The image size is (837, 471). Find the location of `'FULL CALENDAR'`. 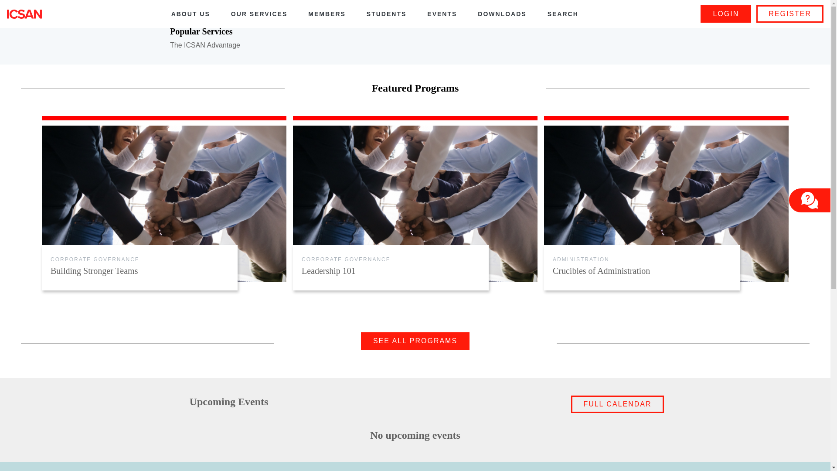

'FULL CALENDAR' is located at coordinates (617, 404).